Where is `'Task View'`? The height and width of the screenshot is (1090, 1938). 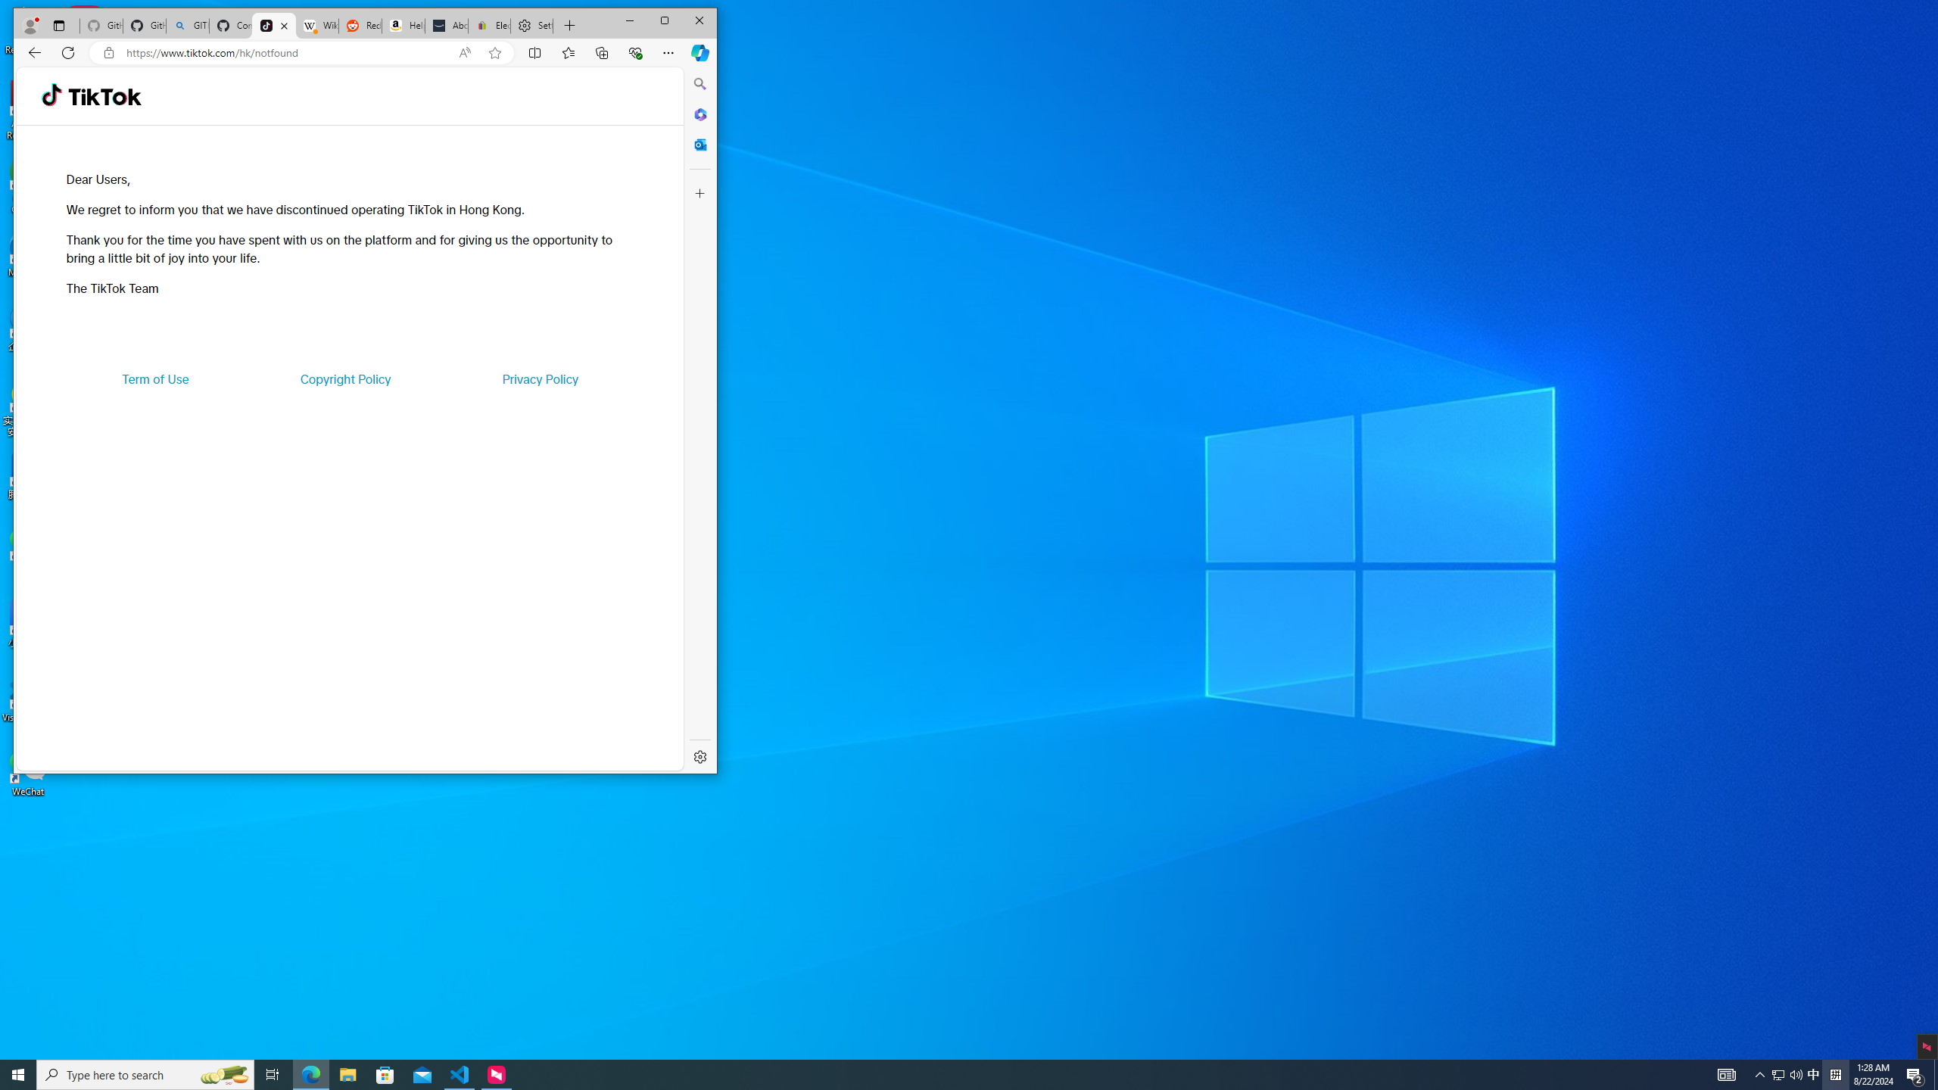 'Task View' is located at coordinates (271, 1073).